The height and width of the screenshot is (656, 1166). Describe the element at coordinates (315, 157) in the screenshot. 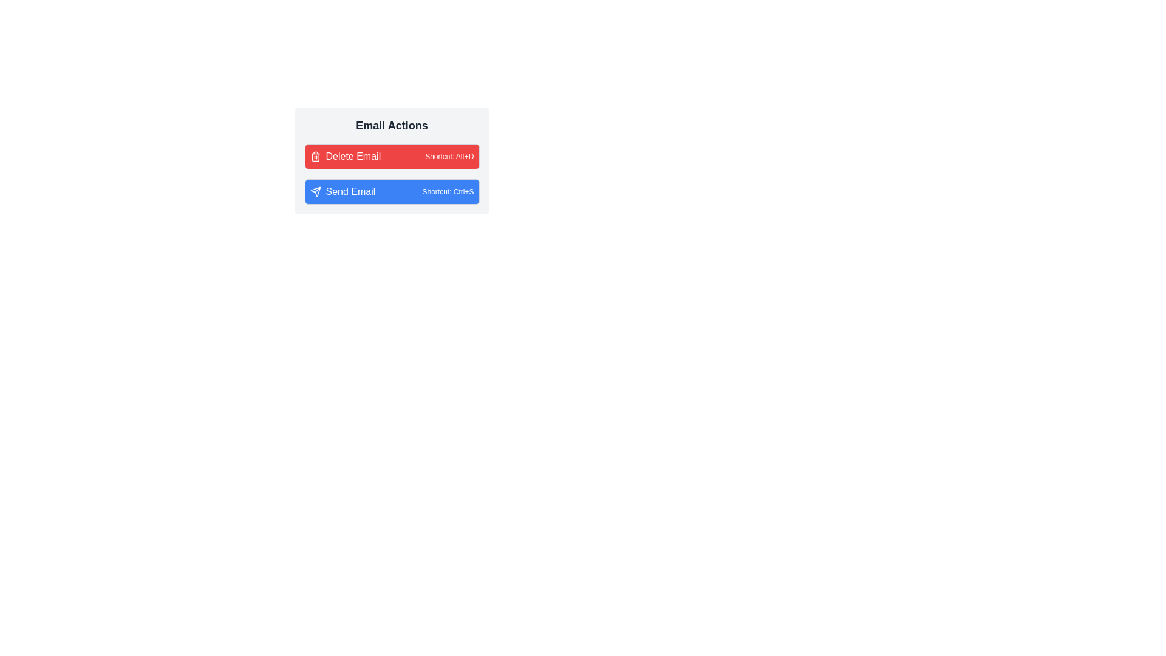

I see `the trash can icon that symbolizes the delete functionality of the associated button` at that location.